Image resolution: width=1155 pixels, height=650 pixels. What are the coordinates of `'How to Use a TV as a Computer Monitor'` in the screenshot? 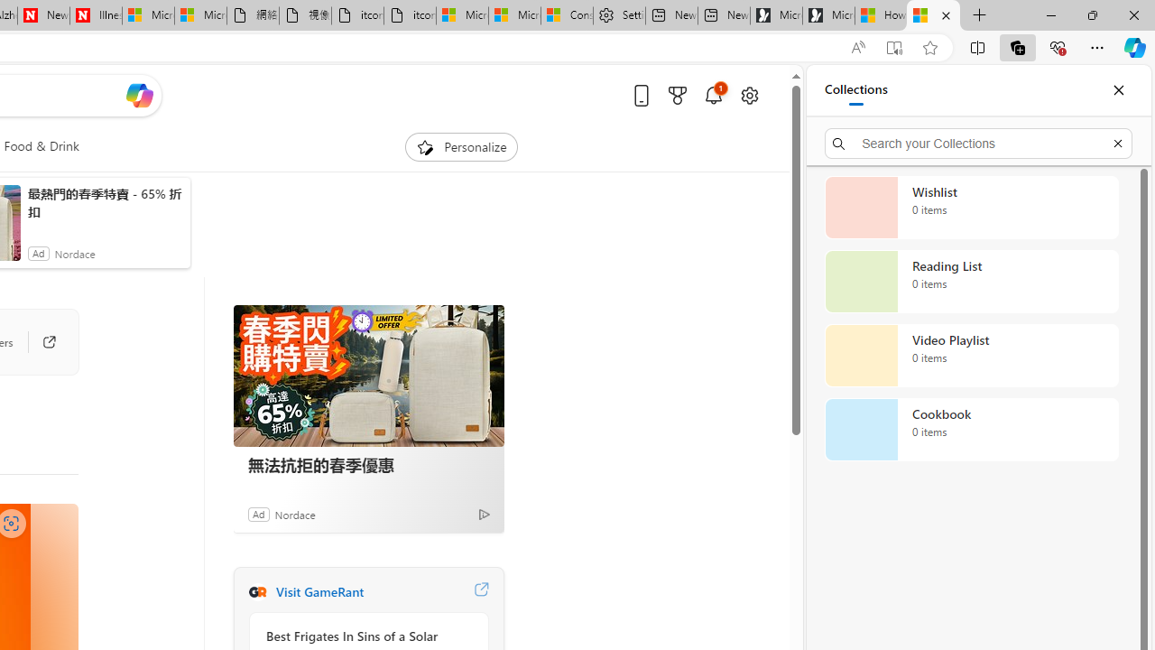 It's located at (933, 15).